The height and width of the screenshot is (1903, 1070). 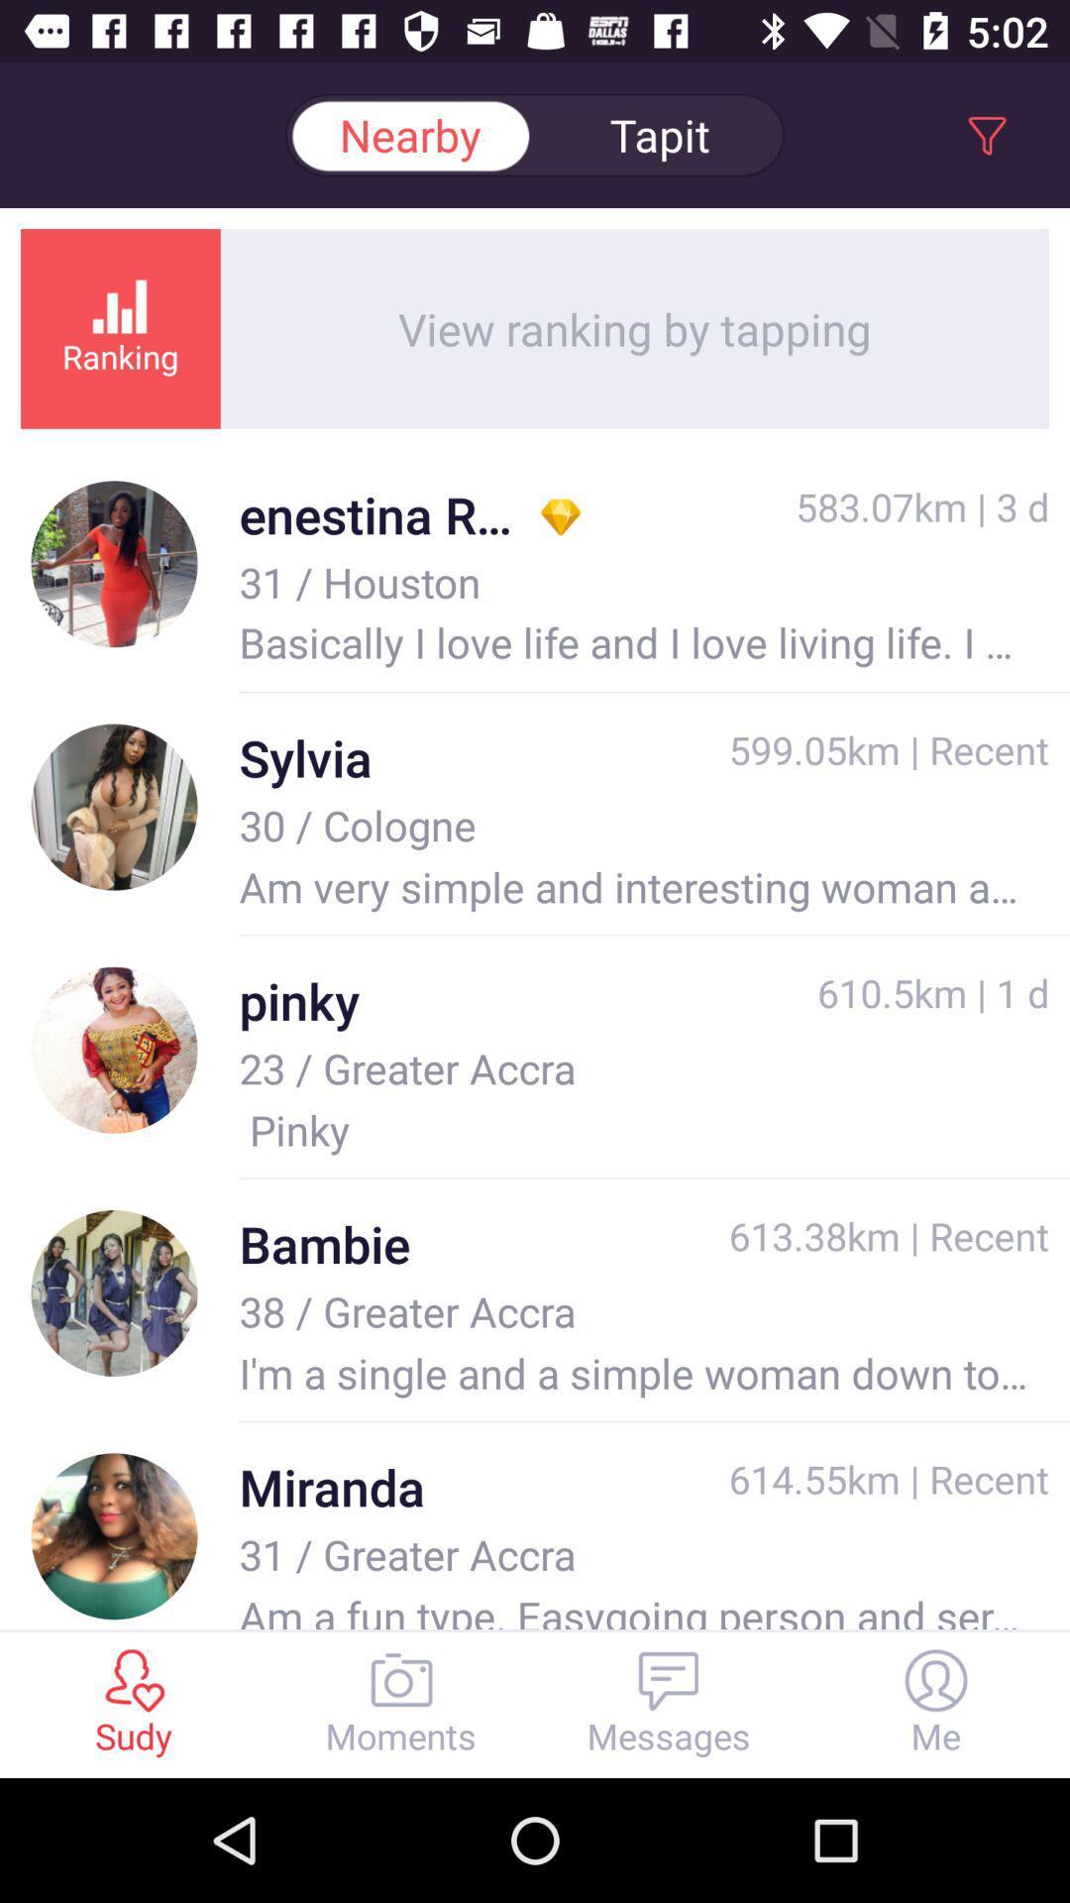 I want to click on icon above the view ranking by icon, so click(x=408, y=134).